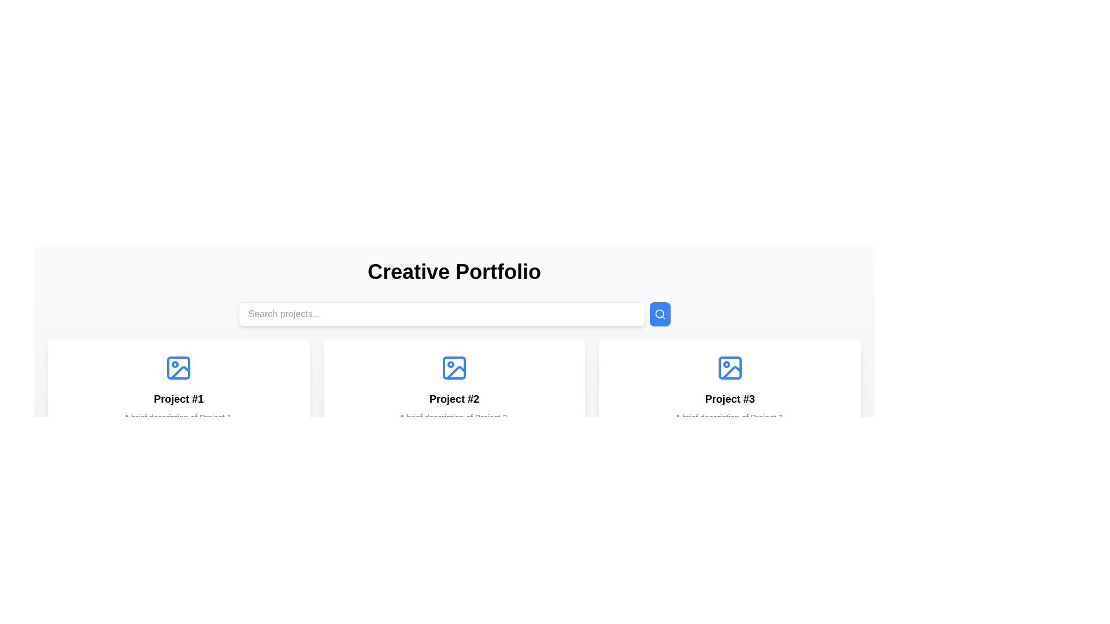 The height and width of the screenshot is (624, 1110). Describe the element at coordinates (178, 403) in the screenshot. I see `keyboard navigation` at that location.